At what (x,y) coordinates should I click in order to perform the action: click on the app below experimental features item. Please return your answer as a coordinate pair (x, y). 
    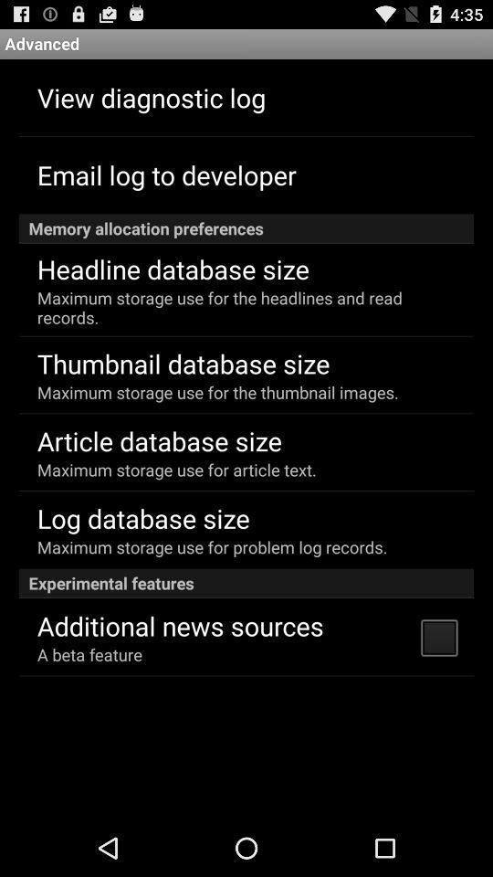
    Looking at the image, I should click on (180, 625).